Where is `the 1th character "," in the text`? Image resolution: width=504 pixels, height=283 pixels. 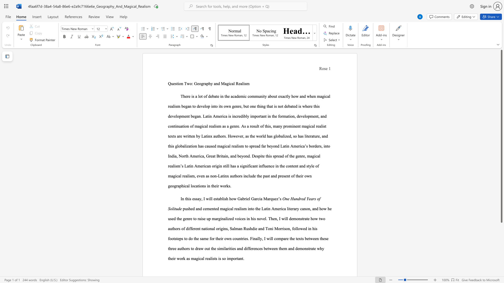 the 1th character "," in the text is located at coordinates (322, 146).